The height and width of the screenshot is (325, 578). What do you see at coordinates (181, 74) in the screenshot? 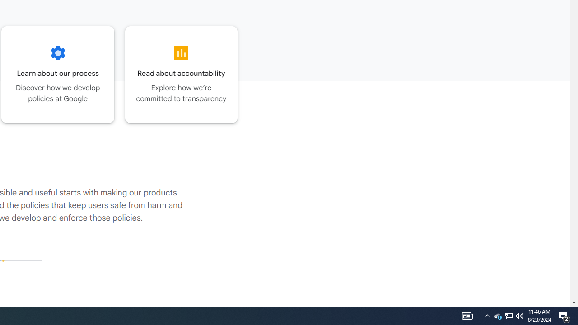
I see `'Go to the Accountability page'` at bounding box center [181, 74].